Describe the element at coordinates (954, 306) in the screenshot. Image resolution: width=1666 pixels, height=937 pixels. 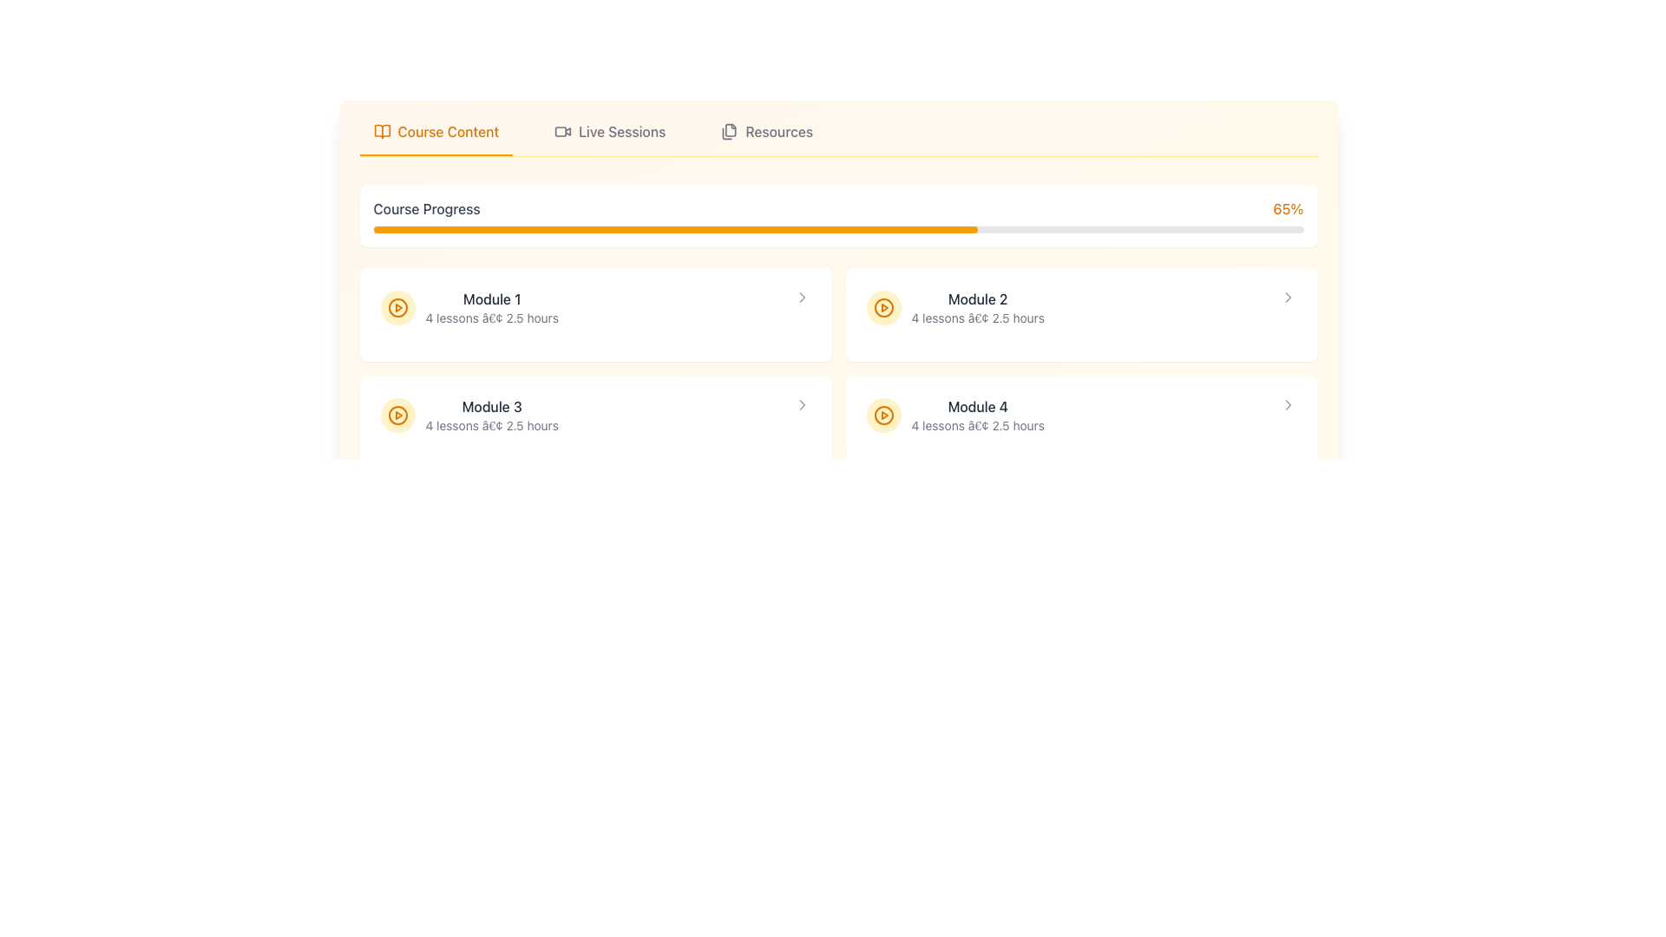
I see `the Text block displaying the title 'Module 2' and subtitle '4 lessons • 2.5 hours', which is located in the second column of the grid in the second row` at that location.